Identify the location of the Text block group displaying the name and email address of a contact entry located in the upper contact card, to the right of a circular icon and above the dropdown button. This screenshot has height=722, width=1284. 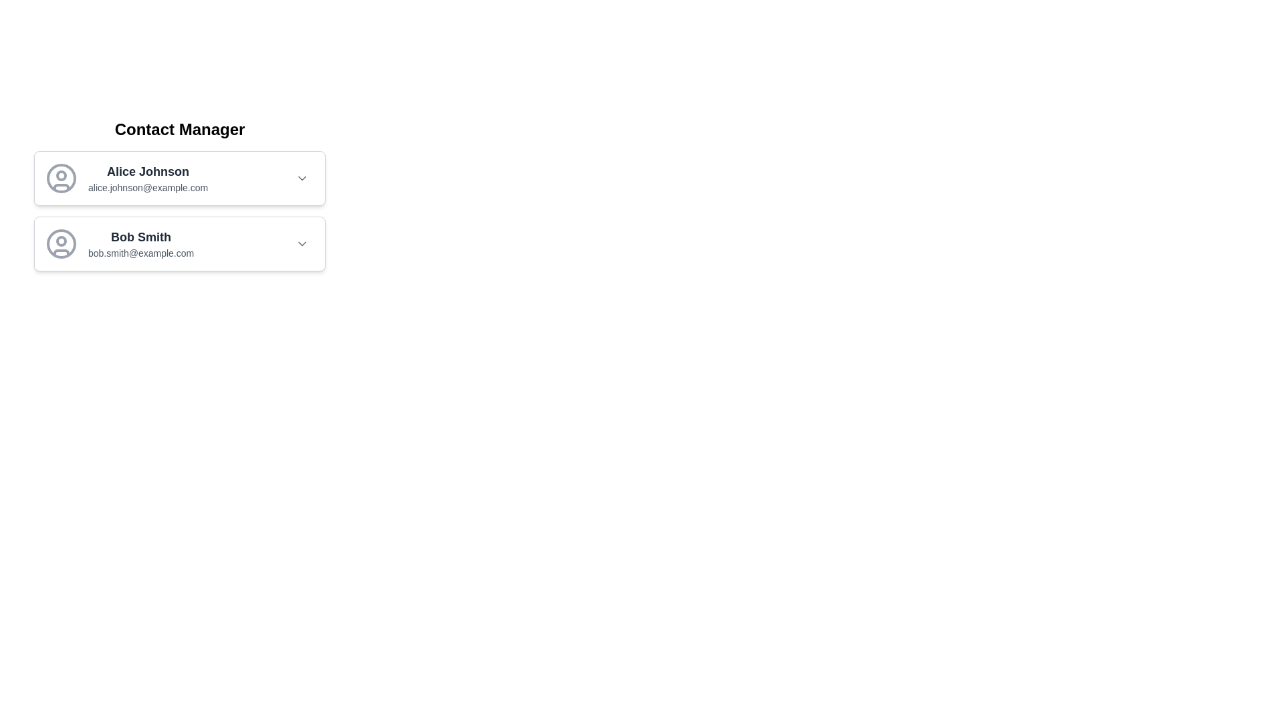
(148, 177).